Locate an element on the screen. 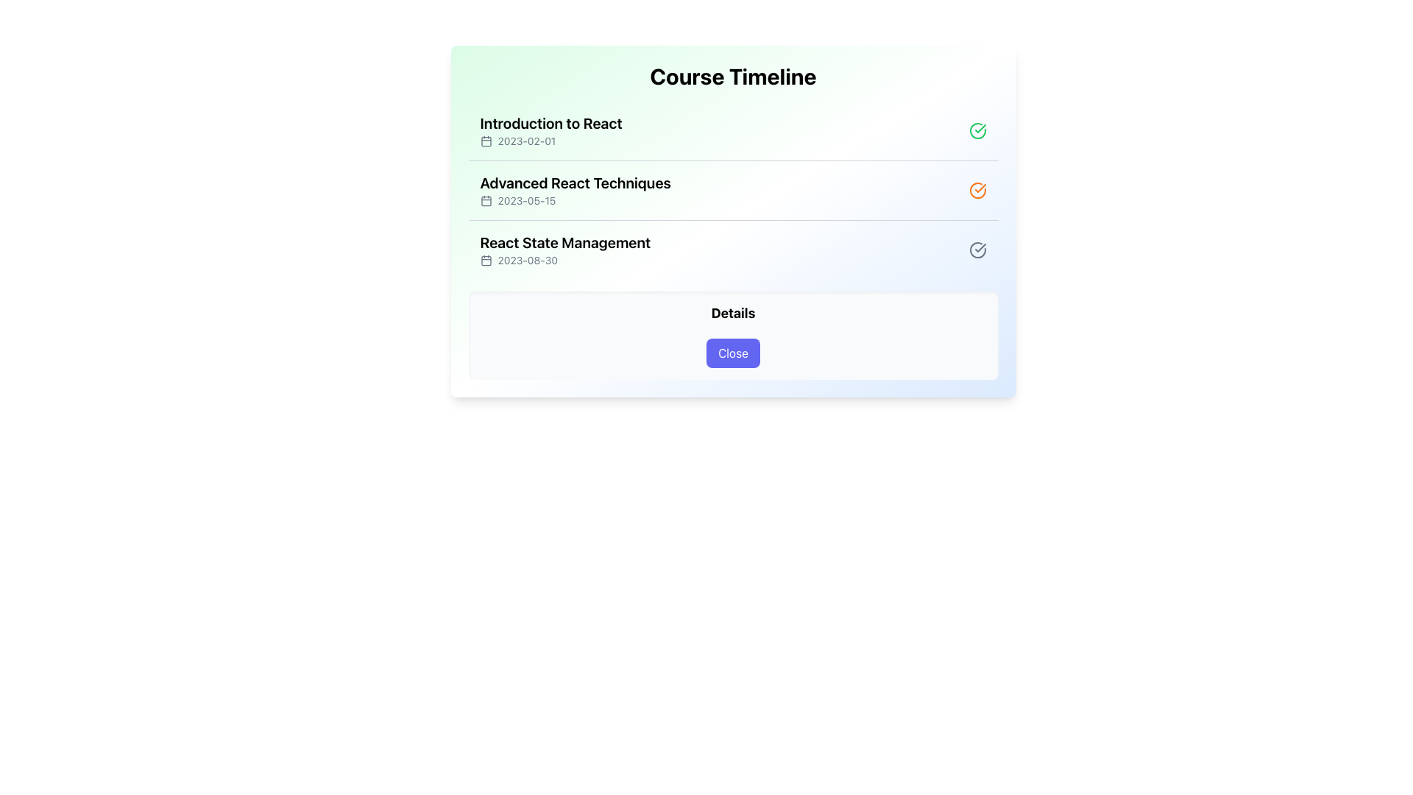 The width and height of the screenshot is (1413, 795). the bold text label displaying 'Introduction to React', which is the first item under the 'Course Timeline' header is located at coordinates (550, 123).